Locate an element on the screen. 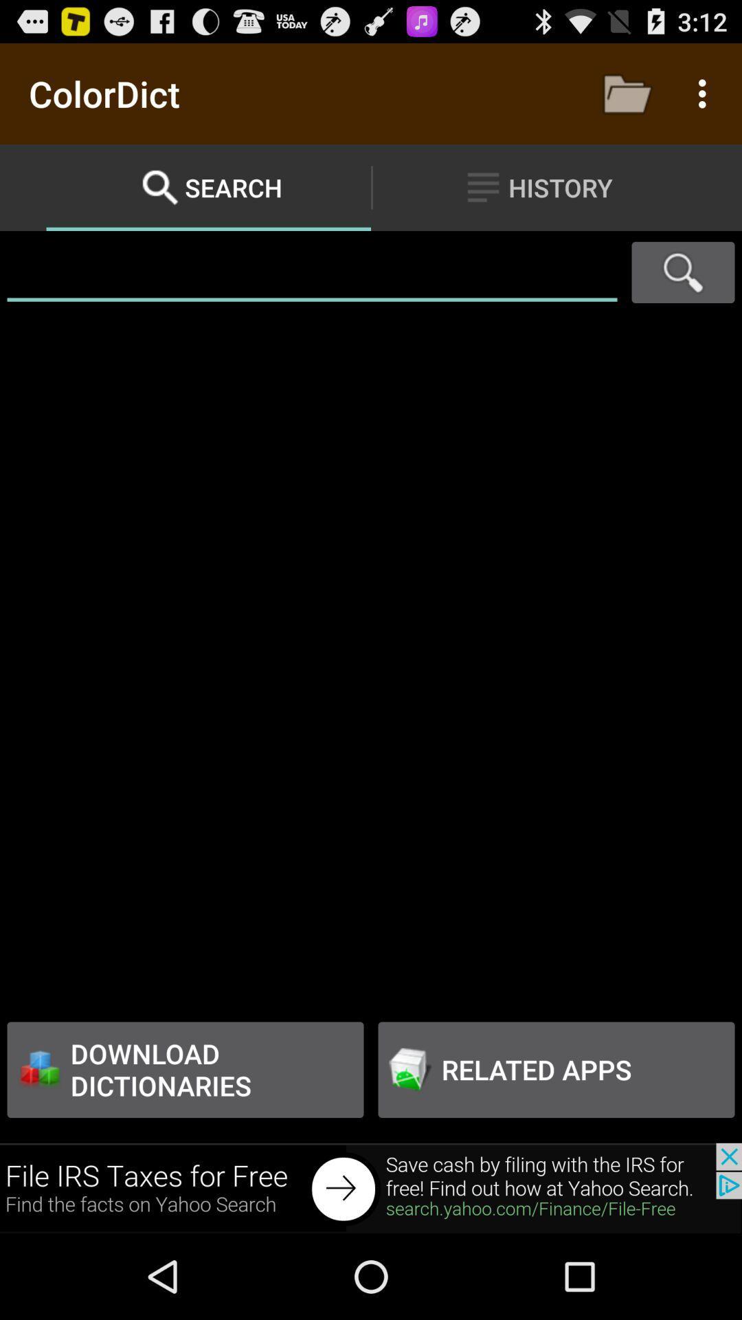 The height and width of the screenshot is (1320, 742). search option is located at coordinates (683, 272).